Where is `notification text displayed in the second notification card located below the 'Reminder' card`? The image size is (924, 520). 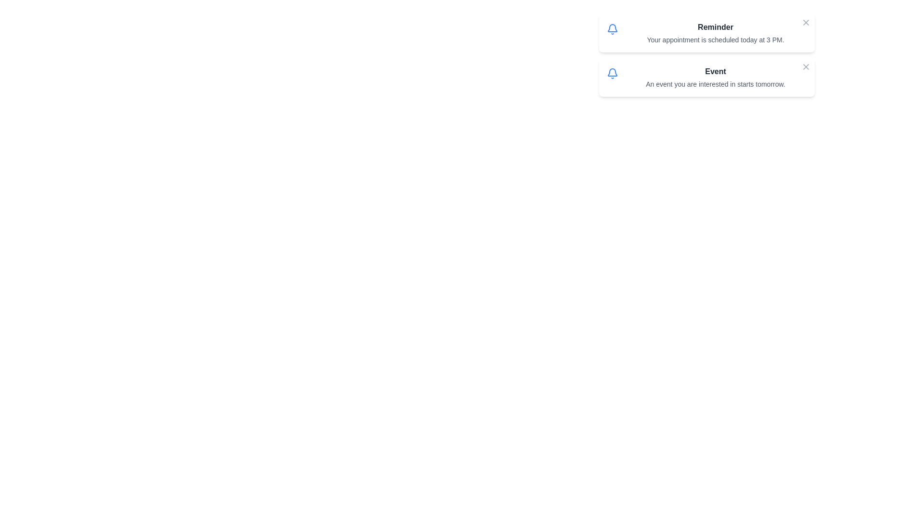 notification text displayed in the second notification card located below the 'Reminder' card is located at coordinates (706, 77).